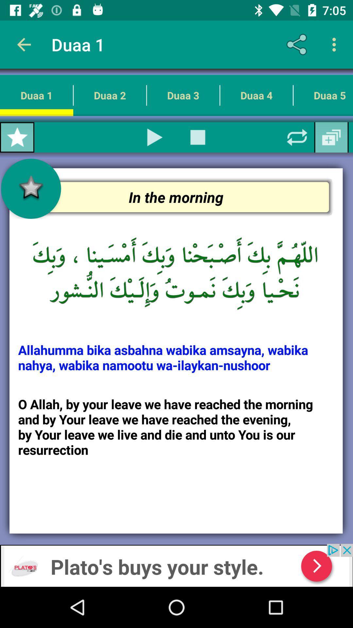  Describe the element at coordinates (24, 44) in the screenshot. I see `icon to the left of the duaa 1 app` at that location.